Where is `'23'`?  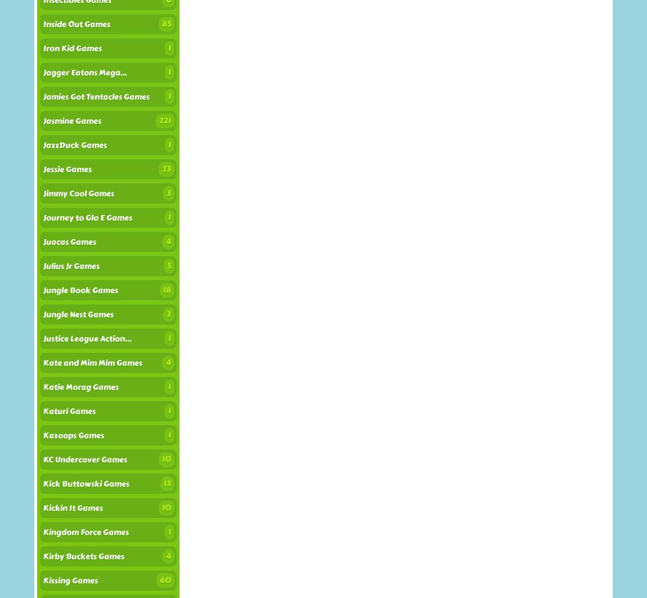
'23' is located at coordinates (161, 169).